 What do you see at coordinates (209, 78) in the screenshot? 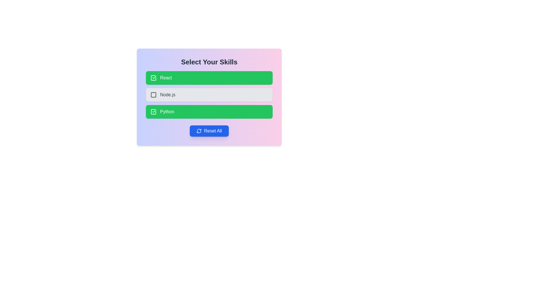
I see `the skill React by clicking on its respective option` at bounding box center [209, 78].